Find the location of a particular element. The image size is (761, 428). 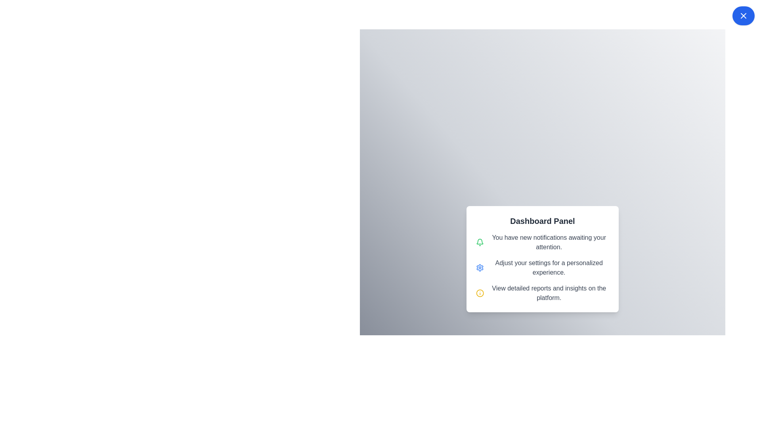

the text label with an icon that provides information about viewing detailed reports and insights, located in the third row of a vertical stack in the dashboard's panel is located at coordinates (542, 293).